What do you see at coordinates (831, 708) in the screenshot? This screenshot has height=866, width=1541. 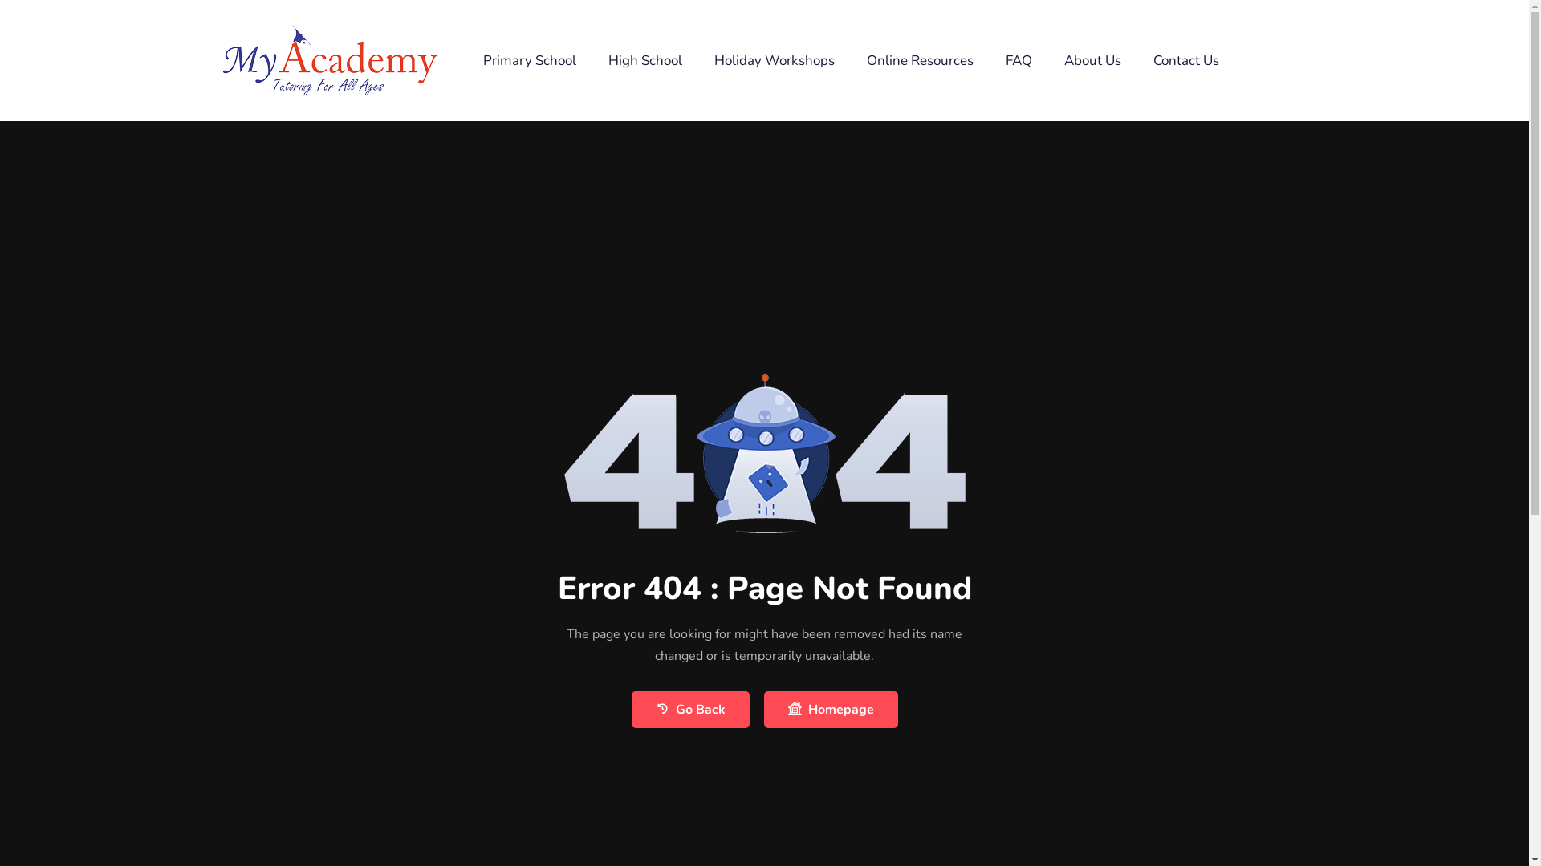 I see `'Homepage'` at bounding box center [831, 708].